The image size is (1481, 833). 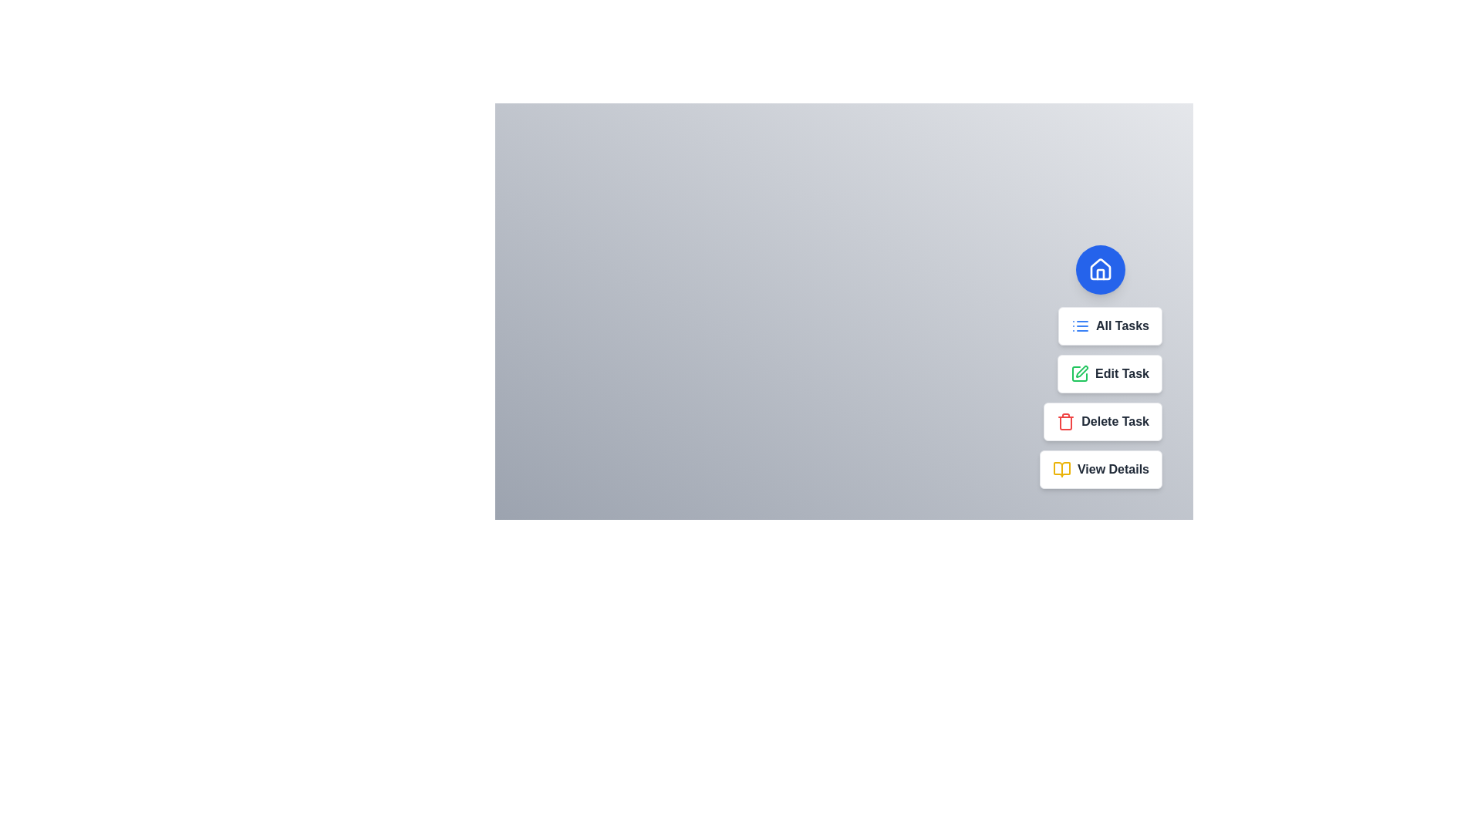 I want to click on the task option Delete Task from the speed dial menu, so click(x=1102, y=422).